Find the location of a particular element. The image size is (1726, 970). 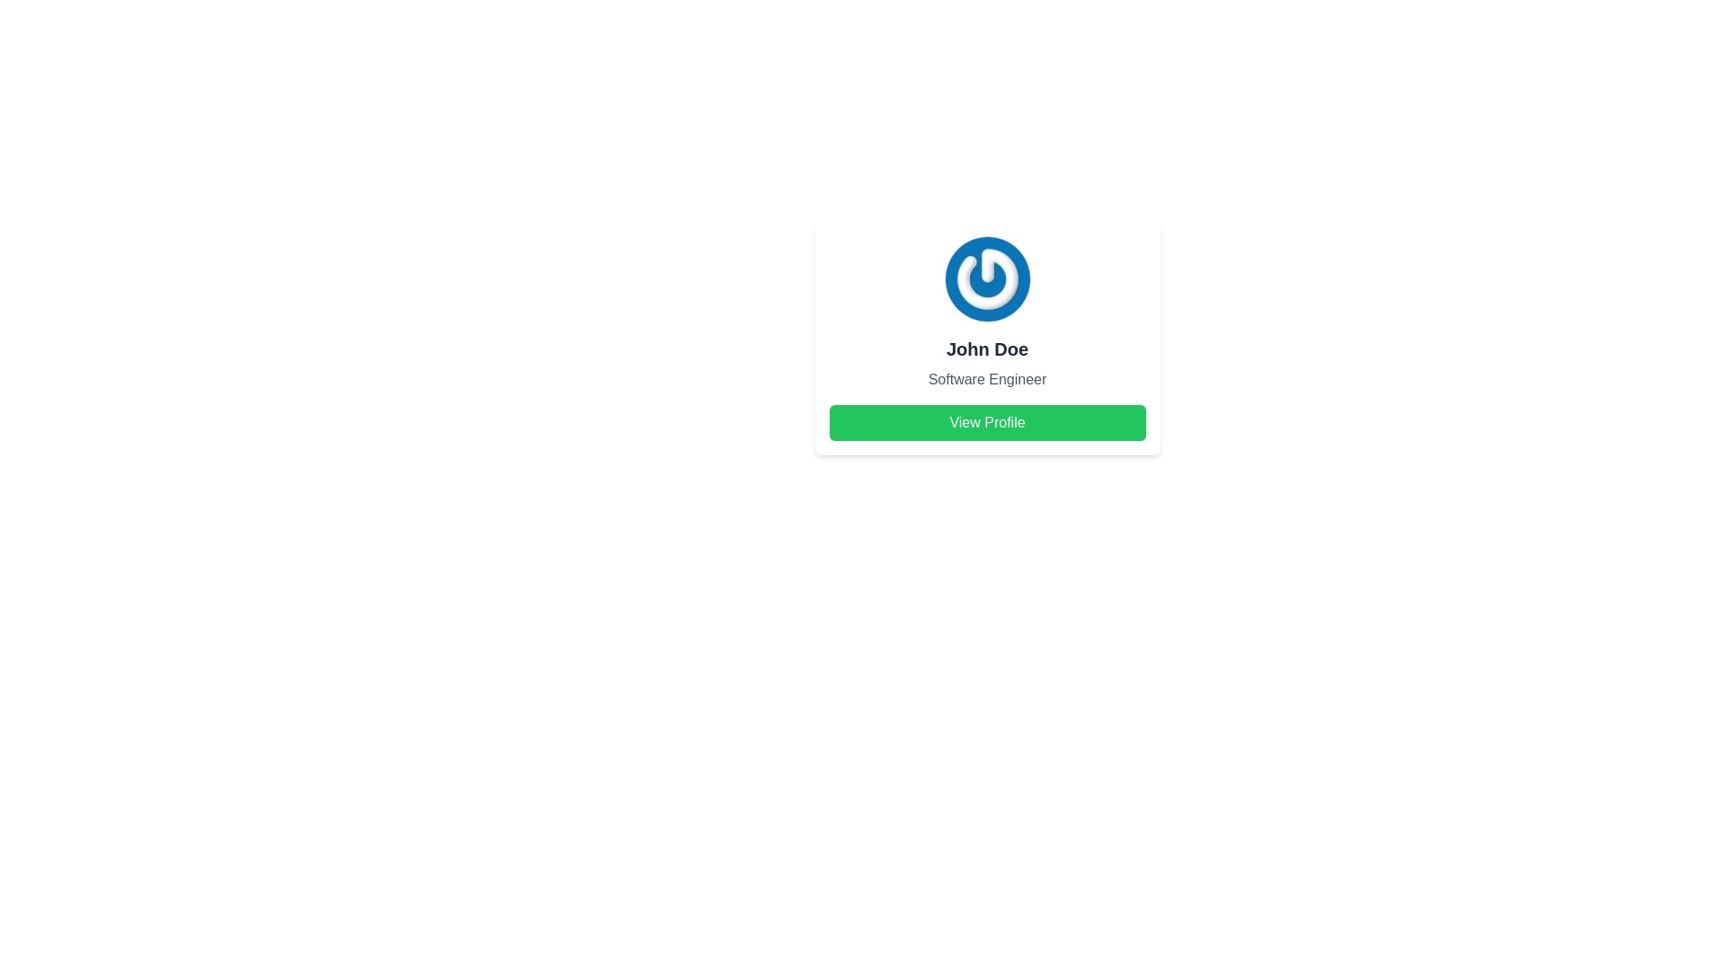

the user profile image located at the top center of the profile card, which serves as a visual identifier for the user is located at coordinates (986, 279).